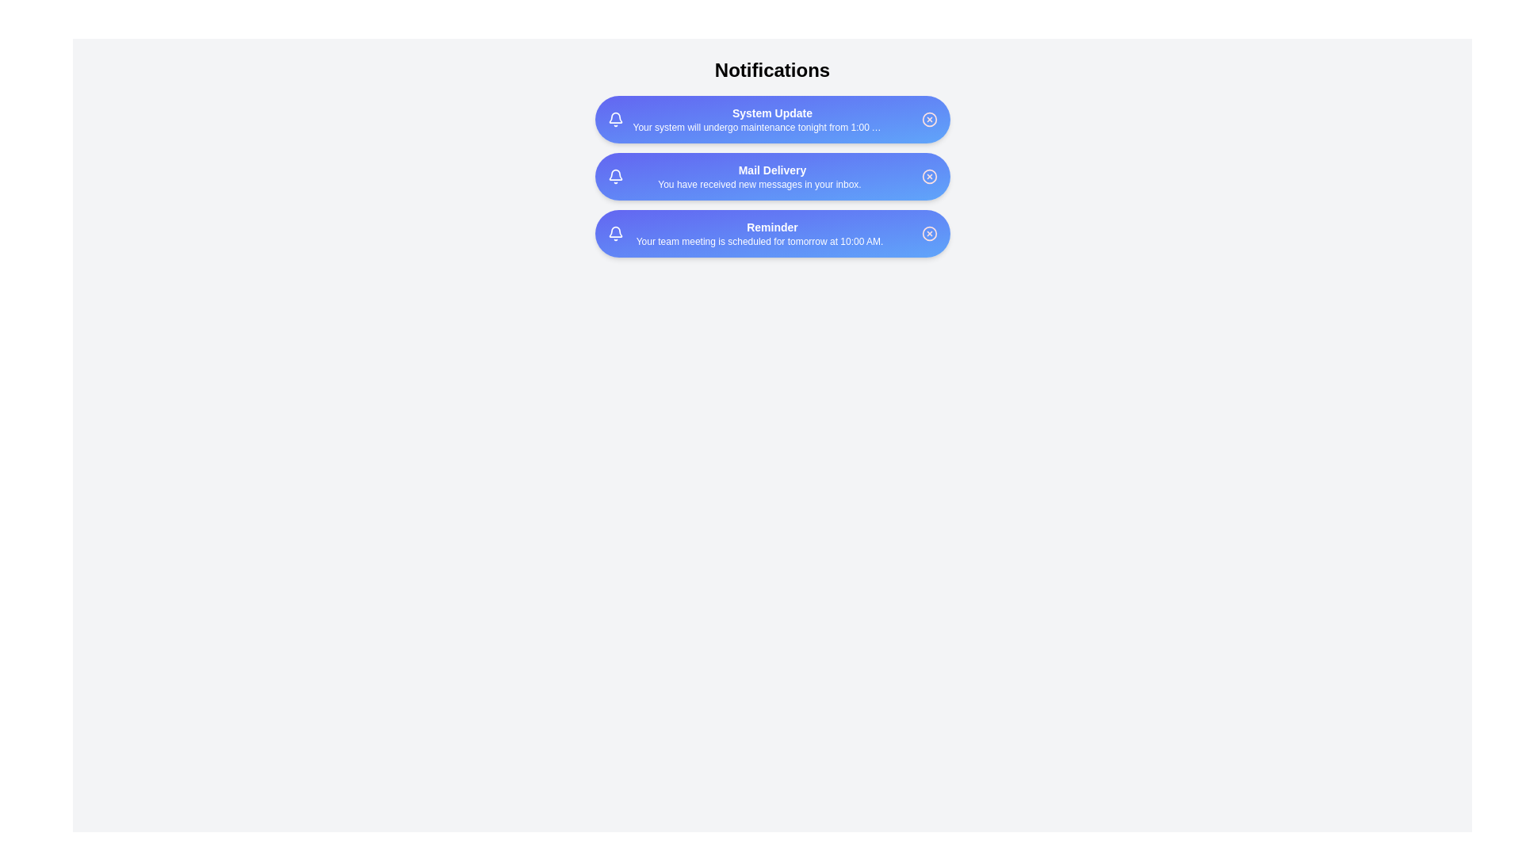  Describe the element at coordinates (614, 118) in the screenshot. I see `the notification icon corresponding to System Update` at that location.